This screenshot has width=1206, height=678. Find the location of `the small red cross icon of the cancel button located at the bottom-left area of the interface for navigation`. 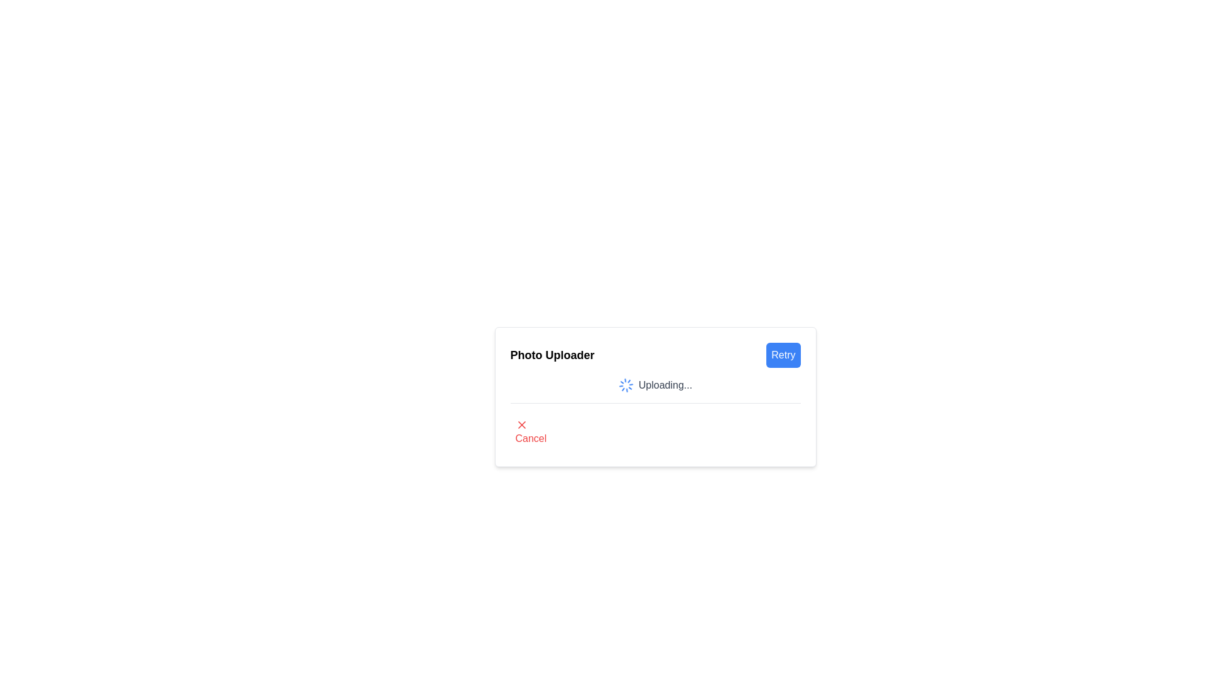

the small red cross icon of the cancel button located at the bottom-left area of the interface for navigation is located at coordinates (521, 424).